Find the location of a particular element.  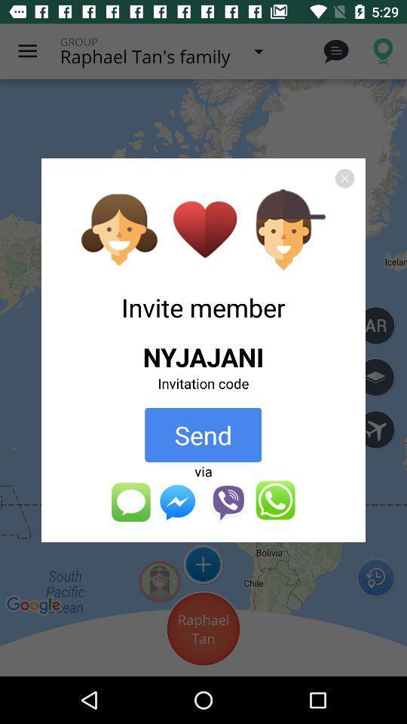

the icon at the bottom is located at coordinates (203, 502).